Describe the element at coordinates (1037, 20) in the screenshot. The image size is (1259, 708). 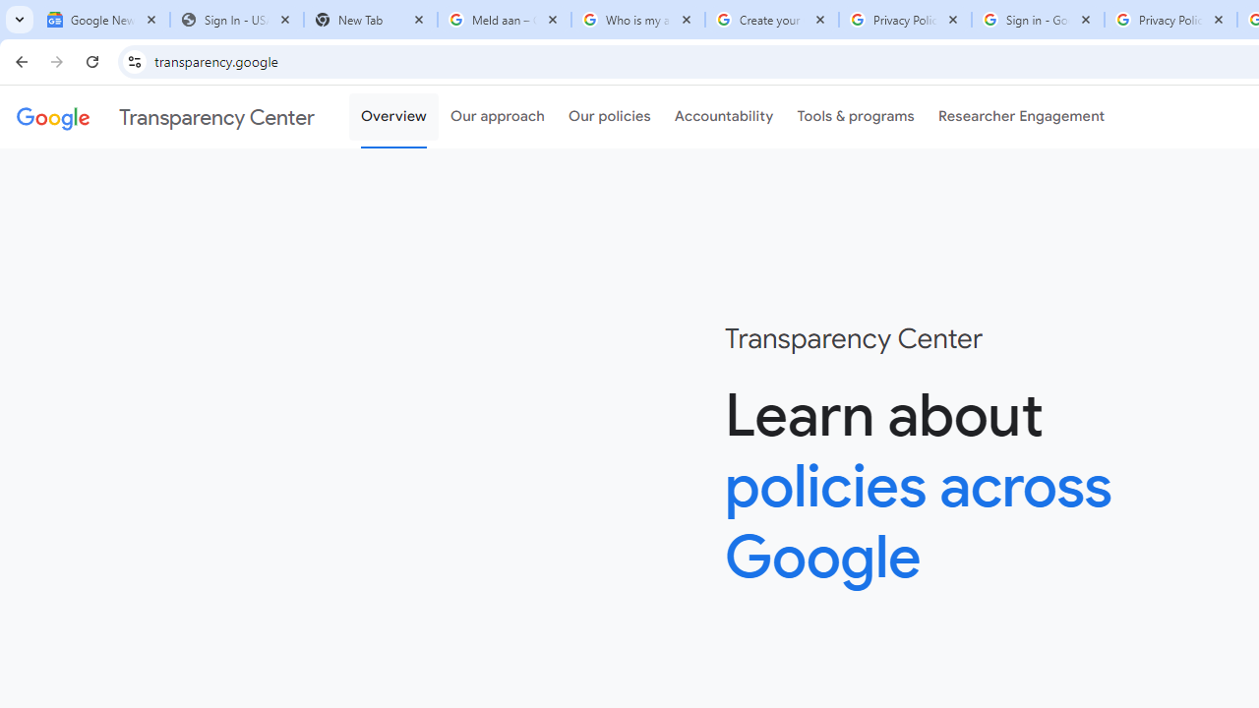
I see `'Sign in - Google Accounts'` at that location.